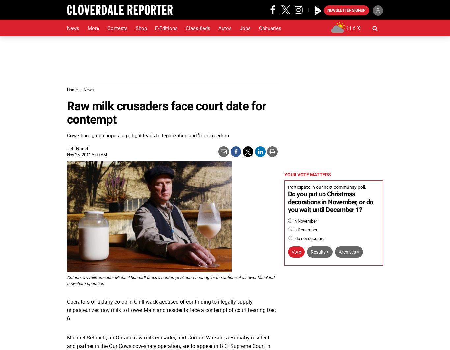  Describe the element at coordinates (320, 252) in the screenshot. I see `'Results >'` at that location.